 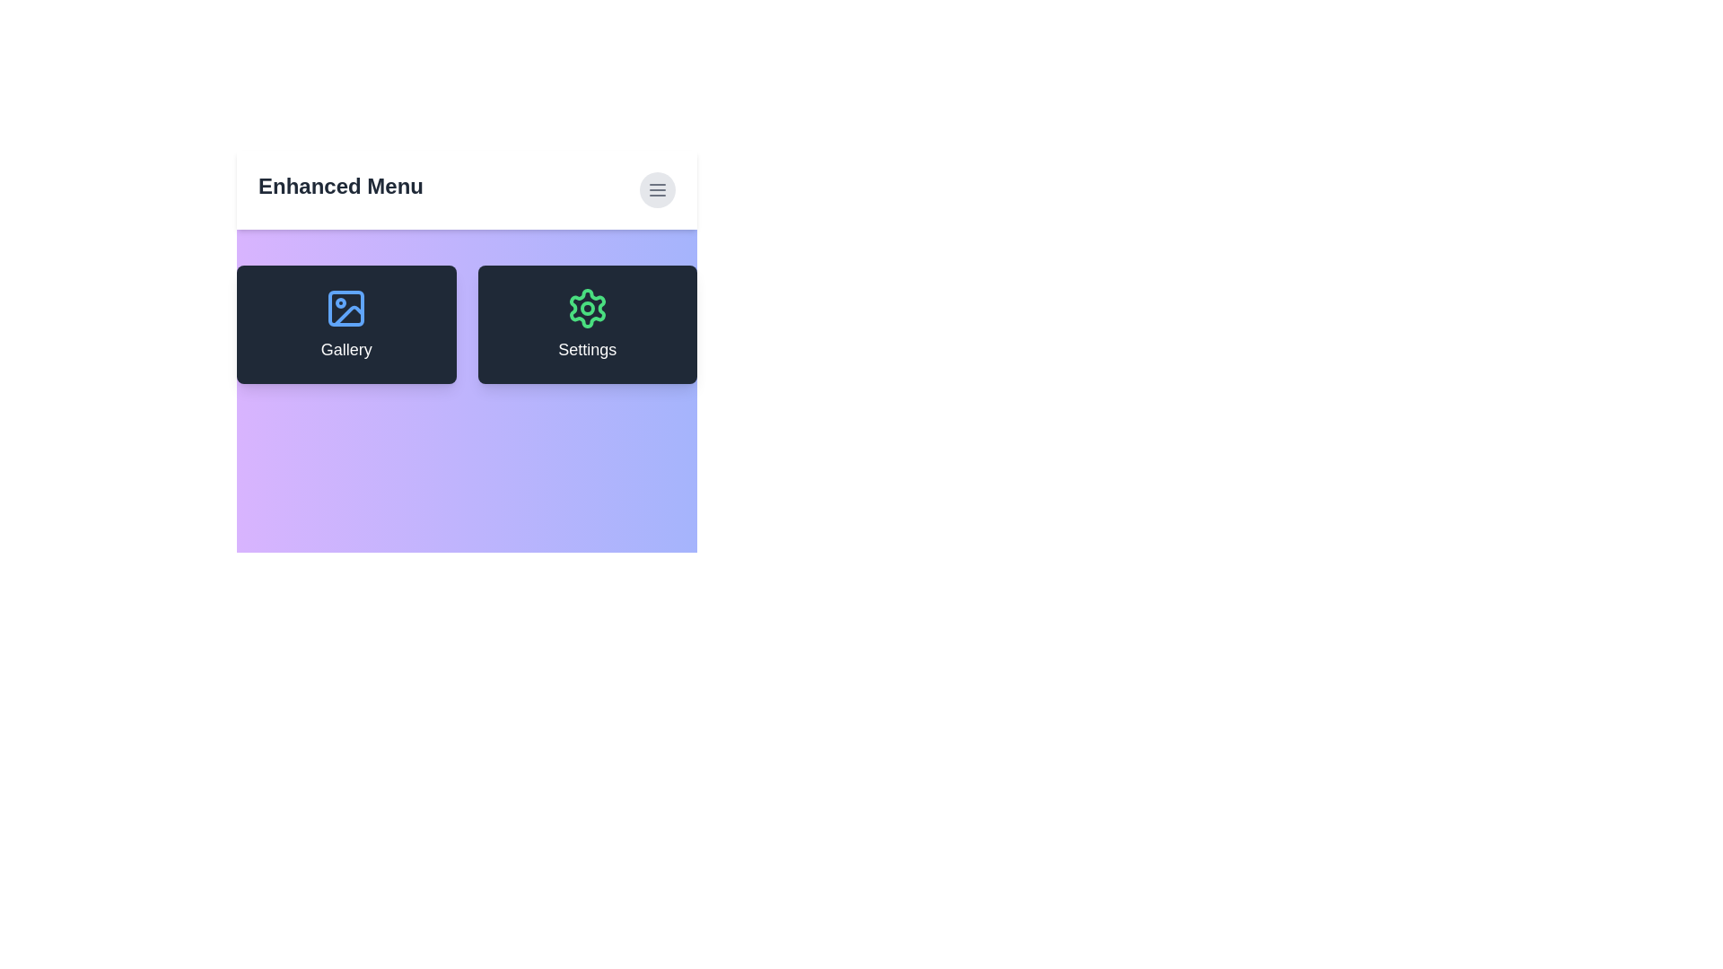 I want to click on the 'Settings' card to open the settings feature, so click(x=587, y=325).